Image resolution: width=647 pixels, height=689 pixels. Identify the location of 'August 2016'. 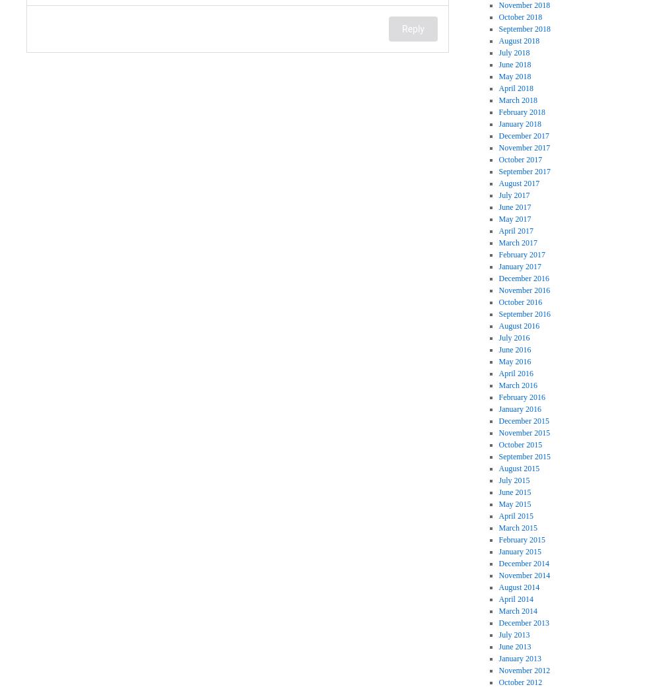
(518, 326).